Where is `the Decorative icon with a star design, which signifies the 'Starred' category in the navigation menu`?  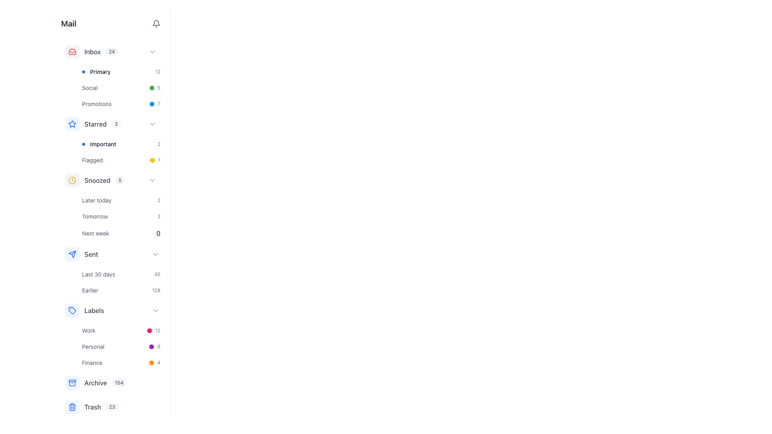
the Decorative icon with a star design, which signifies the 'Starred' category in the navigation menu is located at coordinates (72, 124).